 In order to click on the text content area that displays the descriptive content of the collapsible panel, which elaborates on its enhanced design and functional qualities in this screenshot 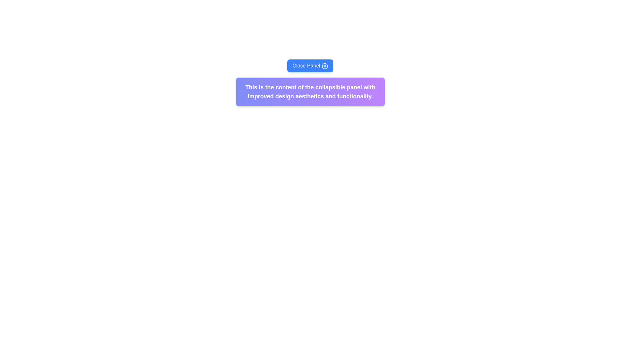, I will do `click(310, 92)`.